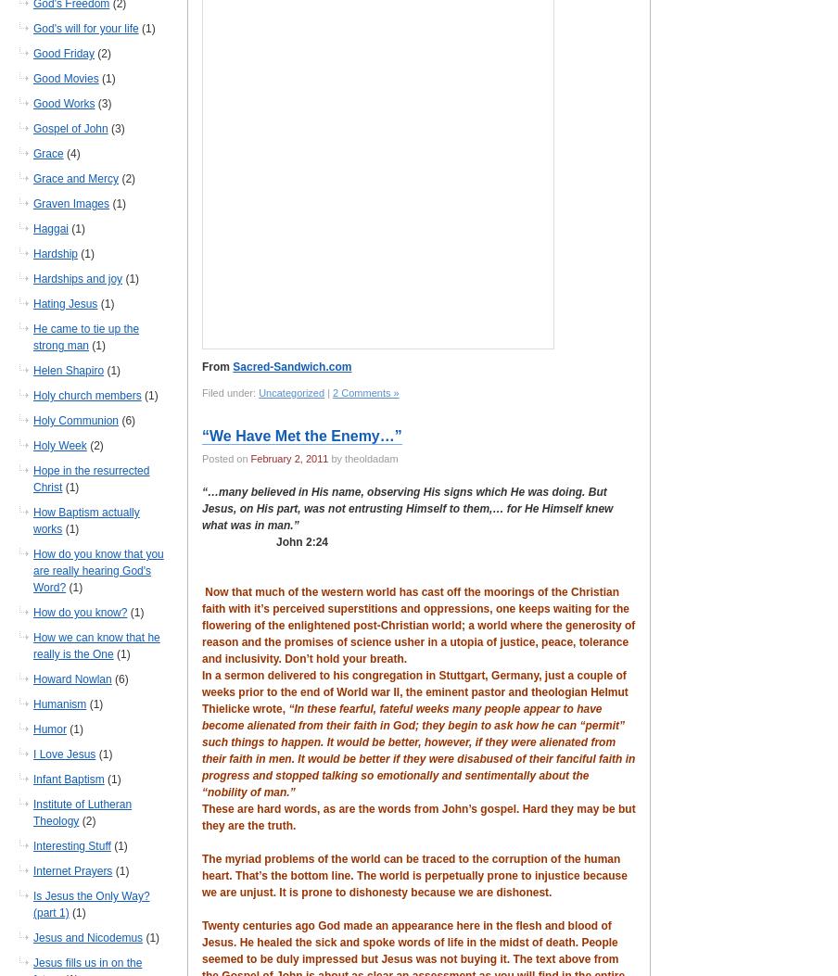 Image resolution: width=838 pixels, height=976 pixels. What do you see at coordinates (88, 937) in the screenshot?
I see `'Jesus and Nicodemus'` at bounding box center [88, 937].